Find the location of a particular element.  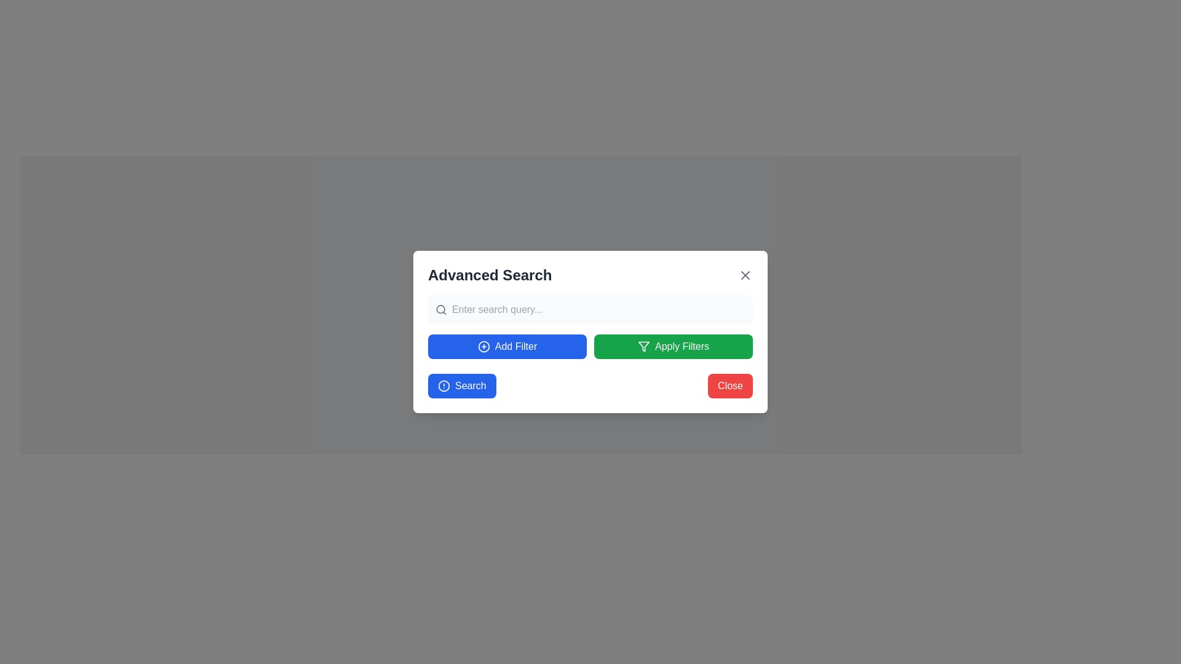

the gray magnifying glass icon located to the left of the placeholder text field to invoke a search action or focus on the input field is located at coordinates (441, 309).